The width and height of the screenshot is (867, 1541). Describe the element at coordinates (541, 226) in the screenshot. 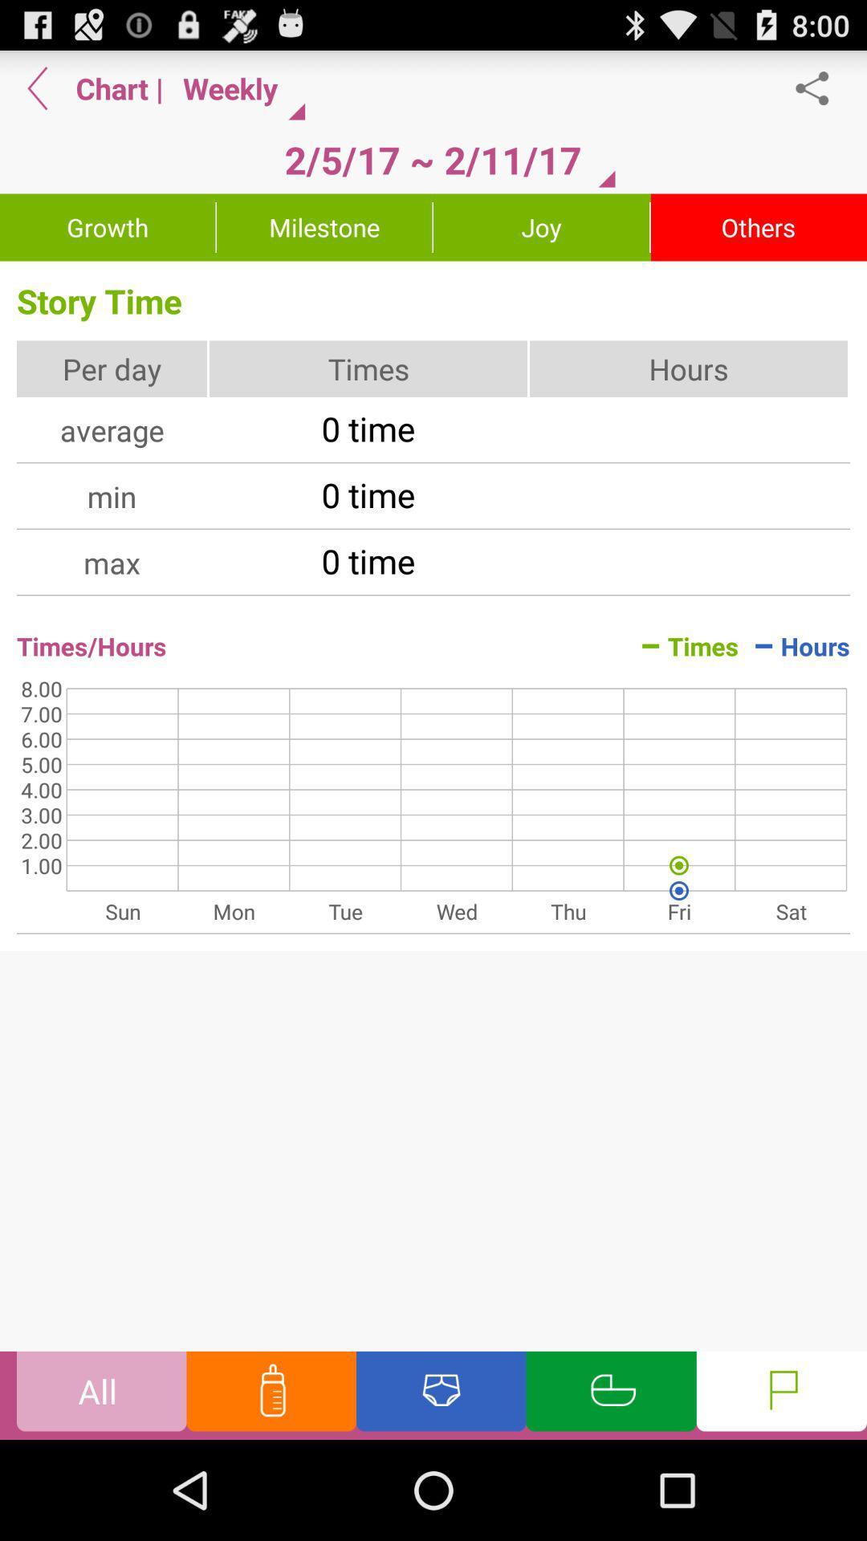

I see `the joy button` at that location.